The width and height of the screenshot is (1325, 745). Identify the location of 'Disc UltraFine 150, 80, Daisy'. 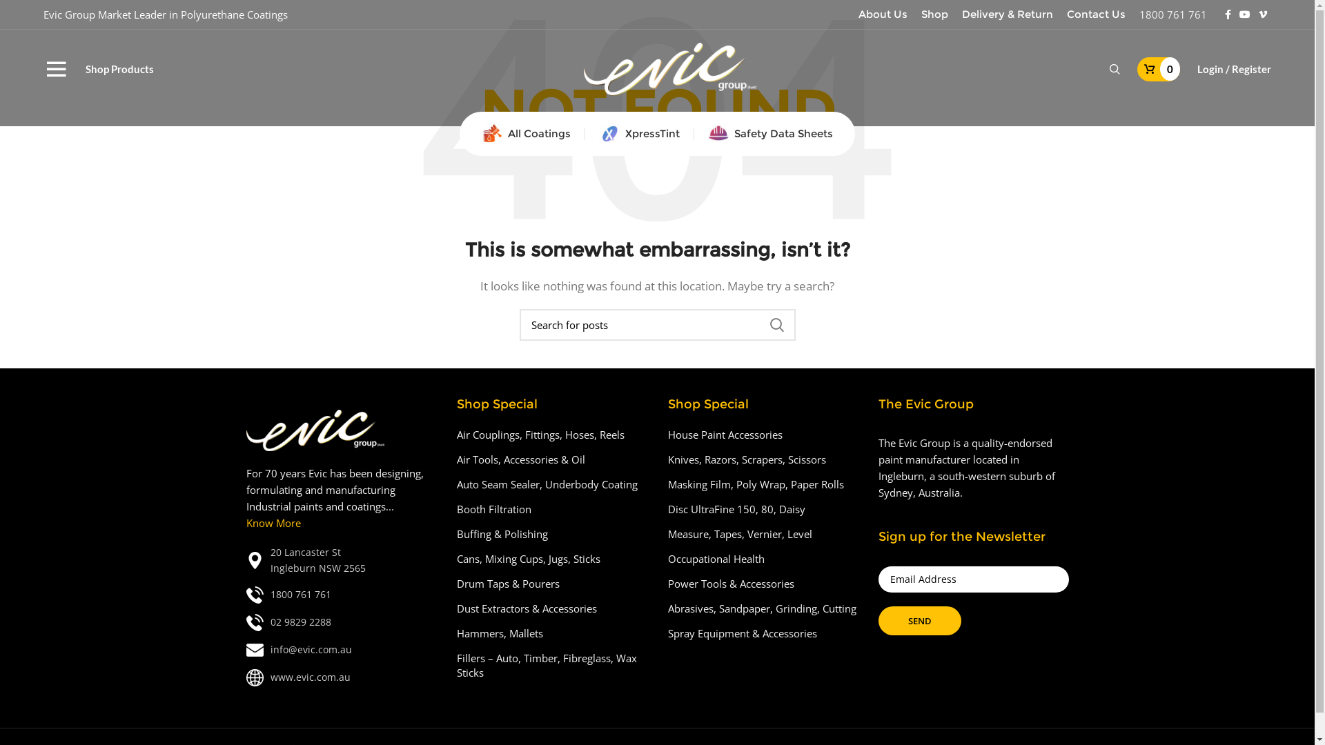
(736, 509).